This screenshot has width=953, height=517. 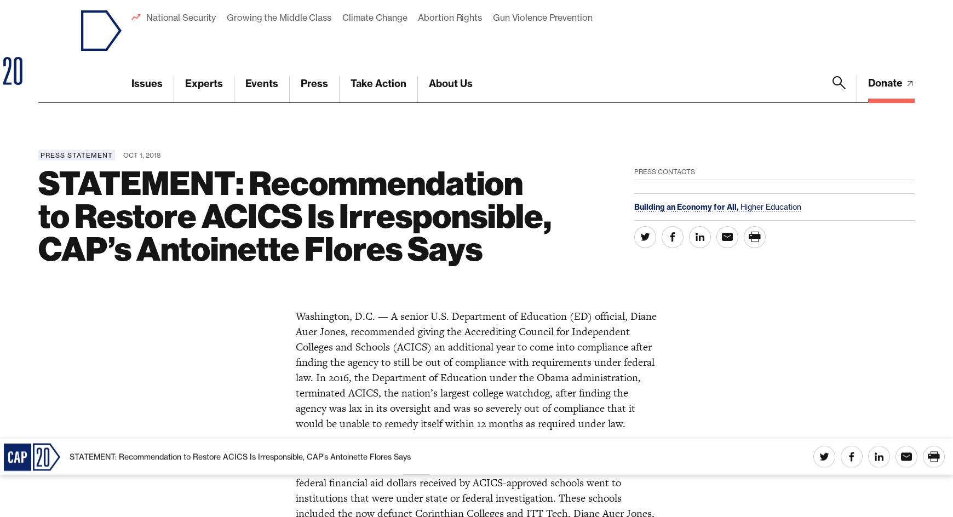 I want to click on ', associate director for Postsecondary Education at CAP, released the following statement in response:', so click(x=464, y=141).